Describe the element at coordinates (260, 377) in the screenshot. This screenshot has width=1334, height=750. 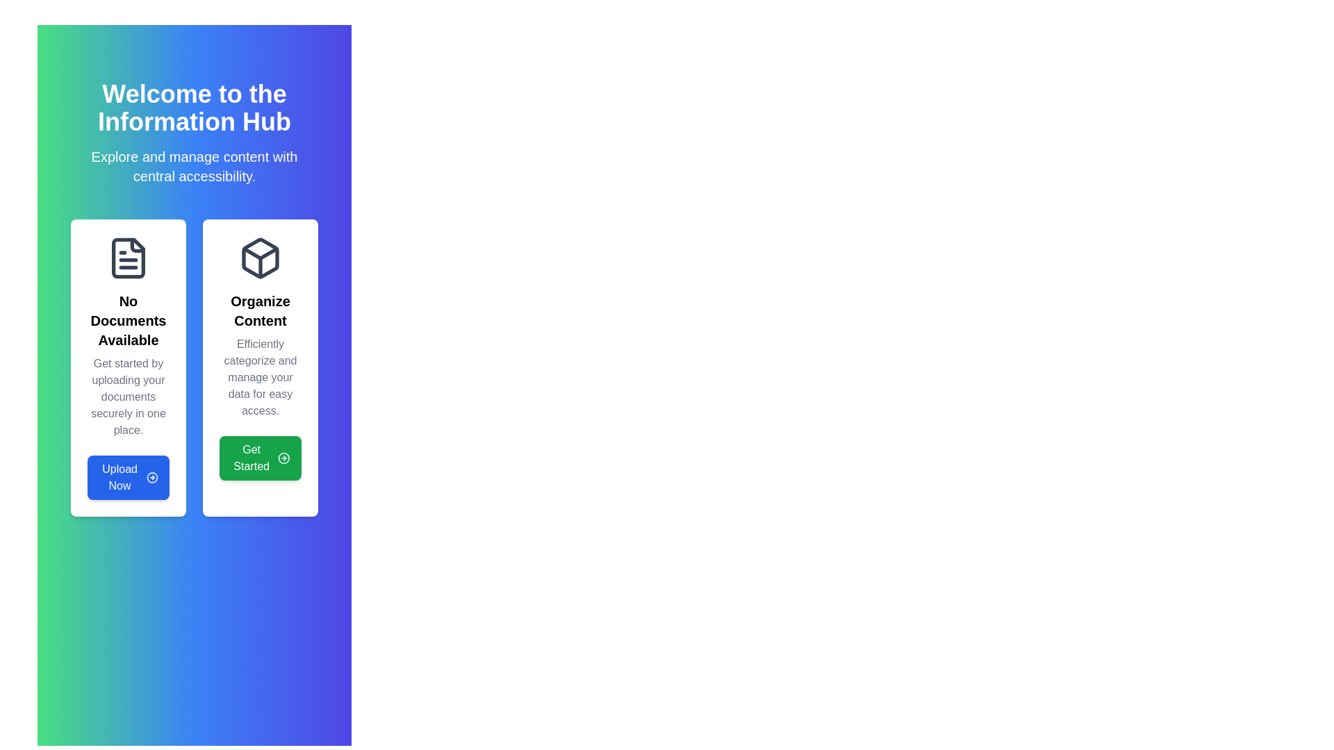
I see `the text label that reads 'Efficiently categorize and manage your data for easy access.' which is located below the title 'Organize Content' in the card UI component` at that location.